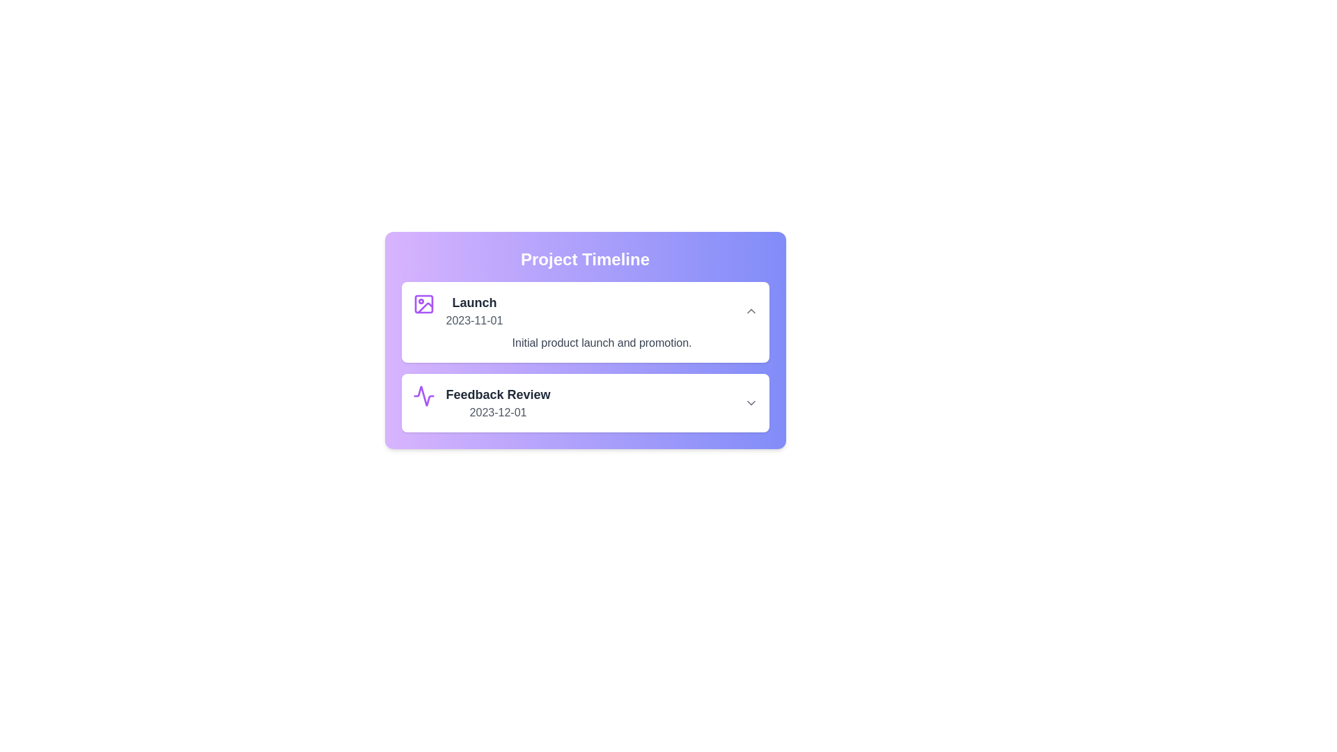 The width and height of the screenshot is (1337, 752). Describe the element at coordinates (423, 303) in the screenshot. I see `the icon located at the top-left of the card styled with rounded corners and shadow` at that location.